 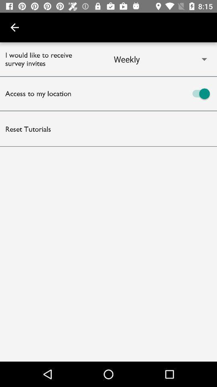 What do you see at coordinates (163, 94) in the screenshot?
I see `click the my location` at bounding box center [163, 94].